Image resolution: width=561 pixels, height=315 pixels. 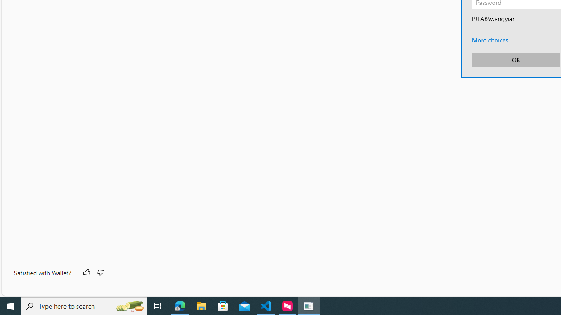 What do you see at coordinates (84, 305) in the screenshot?
I see `'Type here to search'` at bounding box center [84, 305].